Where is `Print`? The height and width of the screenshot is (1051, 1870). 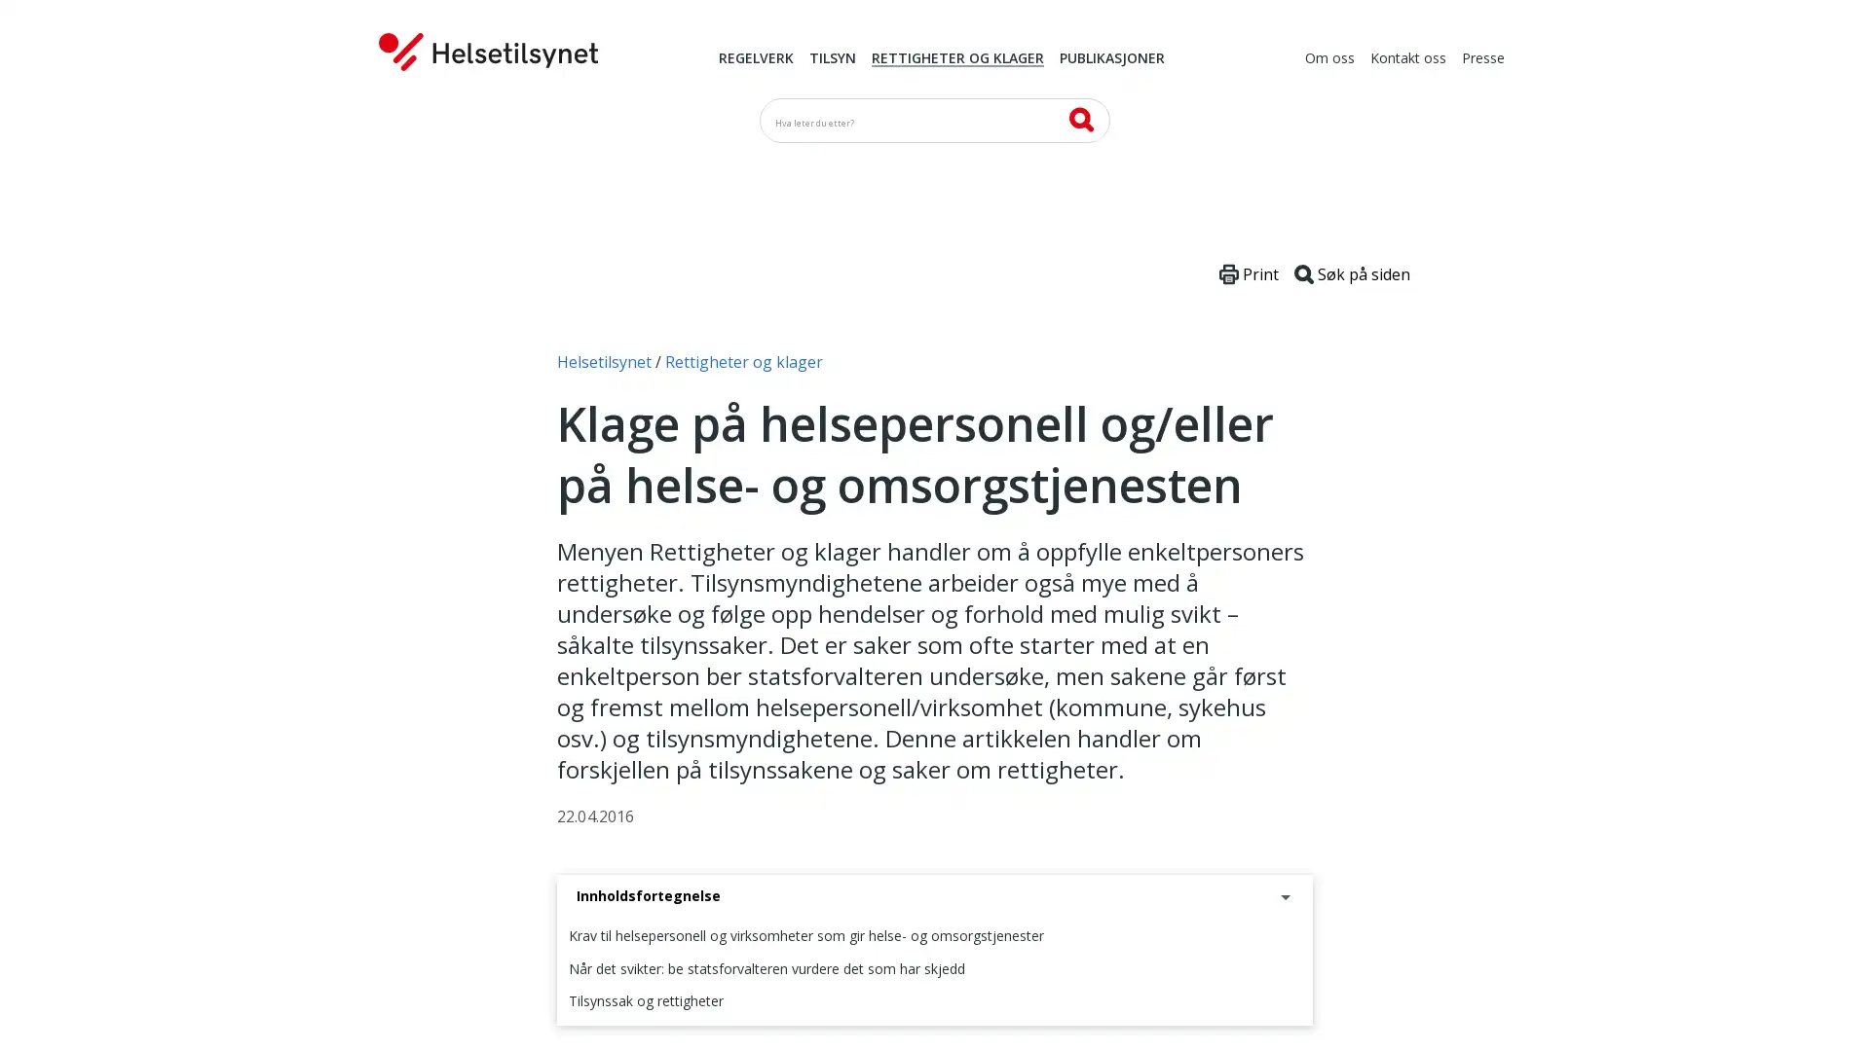
Print is located at coordinates (1249, 273).